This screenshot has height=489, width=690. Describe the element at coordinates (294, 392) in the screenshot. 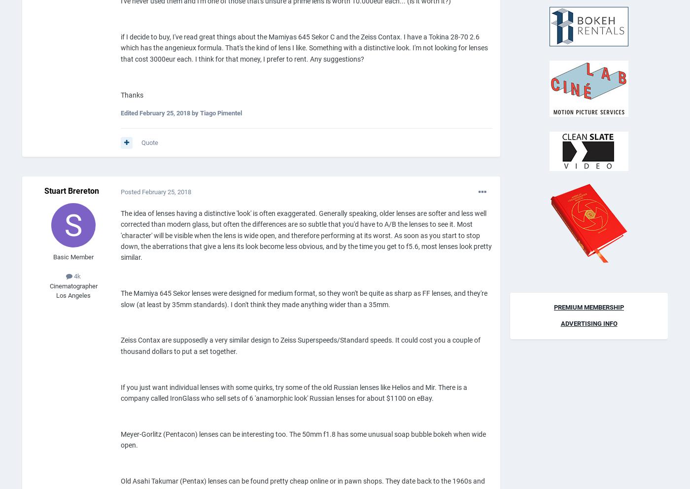

I see `'If you just want individual lenses with some quirks, try some of the old Russian lenses like Helios and Mir. There is a company called IronGlass who sell sets of 6 'anamorphic look' Russian lenses for about $1100 on eBay.'` at that location.